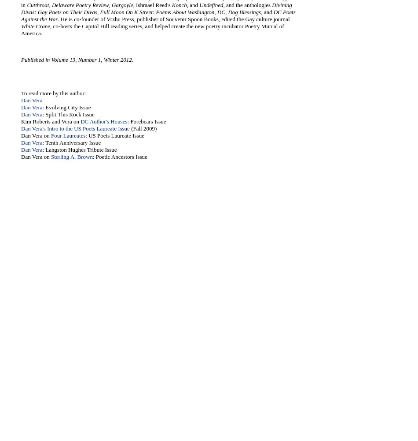  Describe the element at coordinates (80, 121) in the screenshot. I see `'DC 
          Author's Houses'` at that location.